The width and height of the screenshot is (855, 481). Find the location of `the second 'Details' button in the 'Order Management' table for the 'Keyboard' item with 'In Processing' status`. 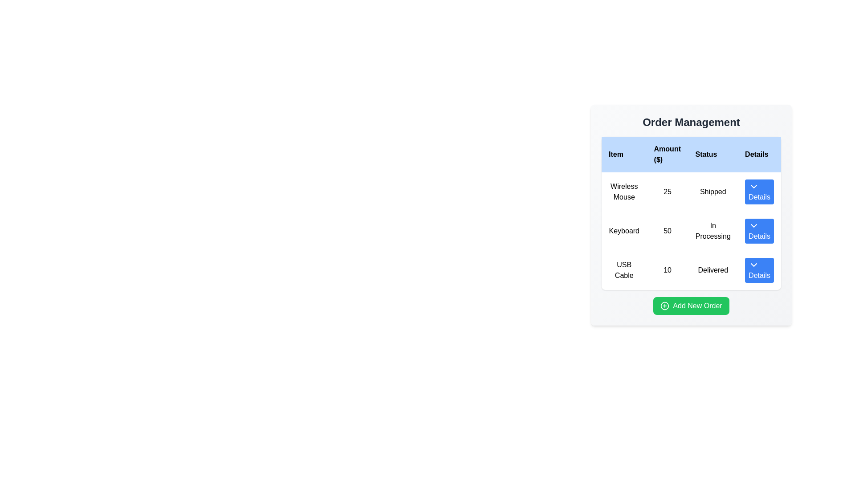

the second 'Details' button in the 'Order Management' table for the 'Keyboard' item with 'In Processing' status is located at coordinates (759, 231).